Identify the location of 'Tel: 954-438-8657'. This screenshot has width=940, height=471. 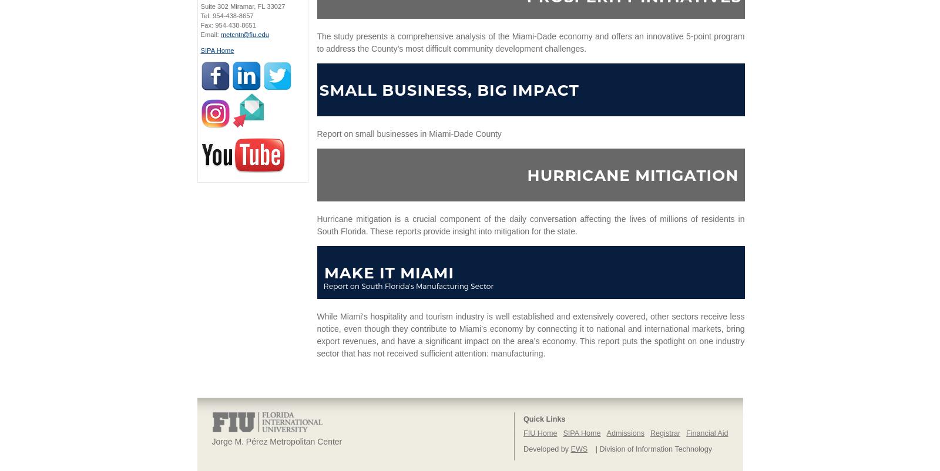
(200, 16).